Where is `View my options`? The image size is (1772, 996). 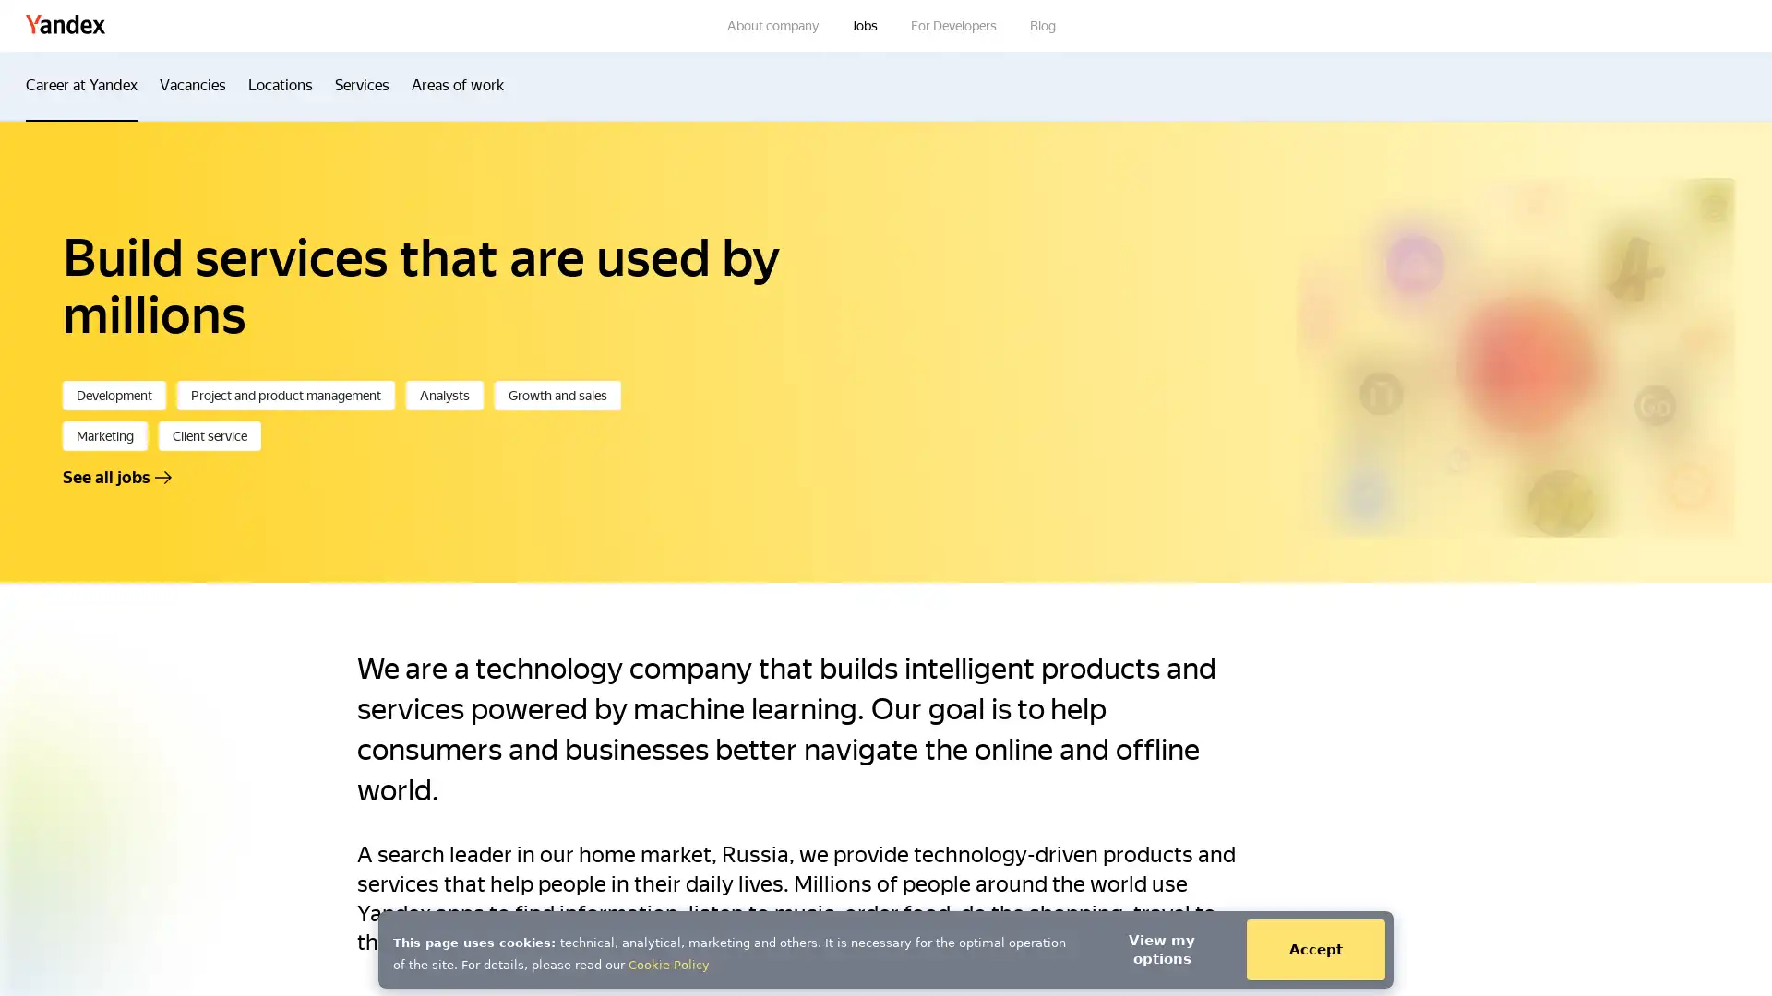
View my options is located at coordinates (1160, 949).